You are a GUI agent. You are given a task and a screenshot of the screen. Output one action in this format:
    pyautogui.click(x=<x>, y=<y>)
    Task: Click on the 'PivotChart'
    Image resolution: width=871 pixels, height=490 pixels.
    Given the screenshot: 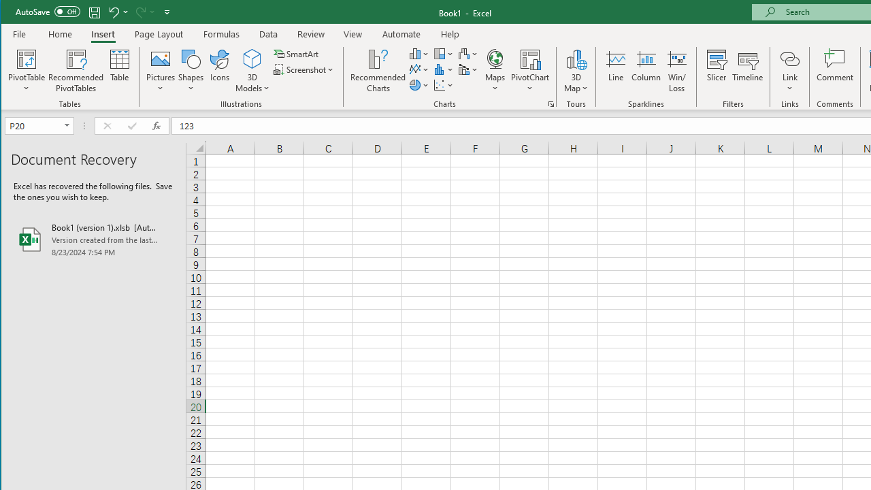 What is the action you would take?
    pyautogui.click(x=529, y=58)
    